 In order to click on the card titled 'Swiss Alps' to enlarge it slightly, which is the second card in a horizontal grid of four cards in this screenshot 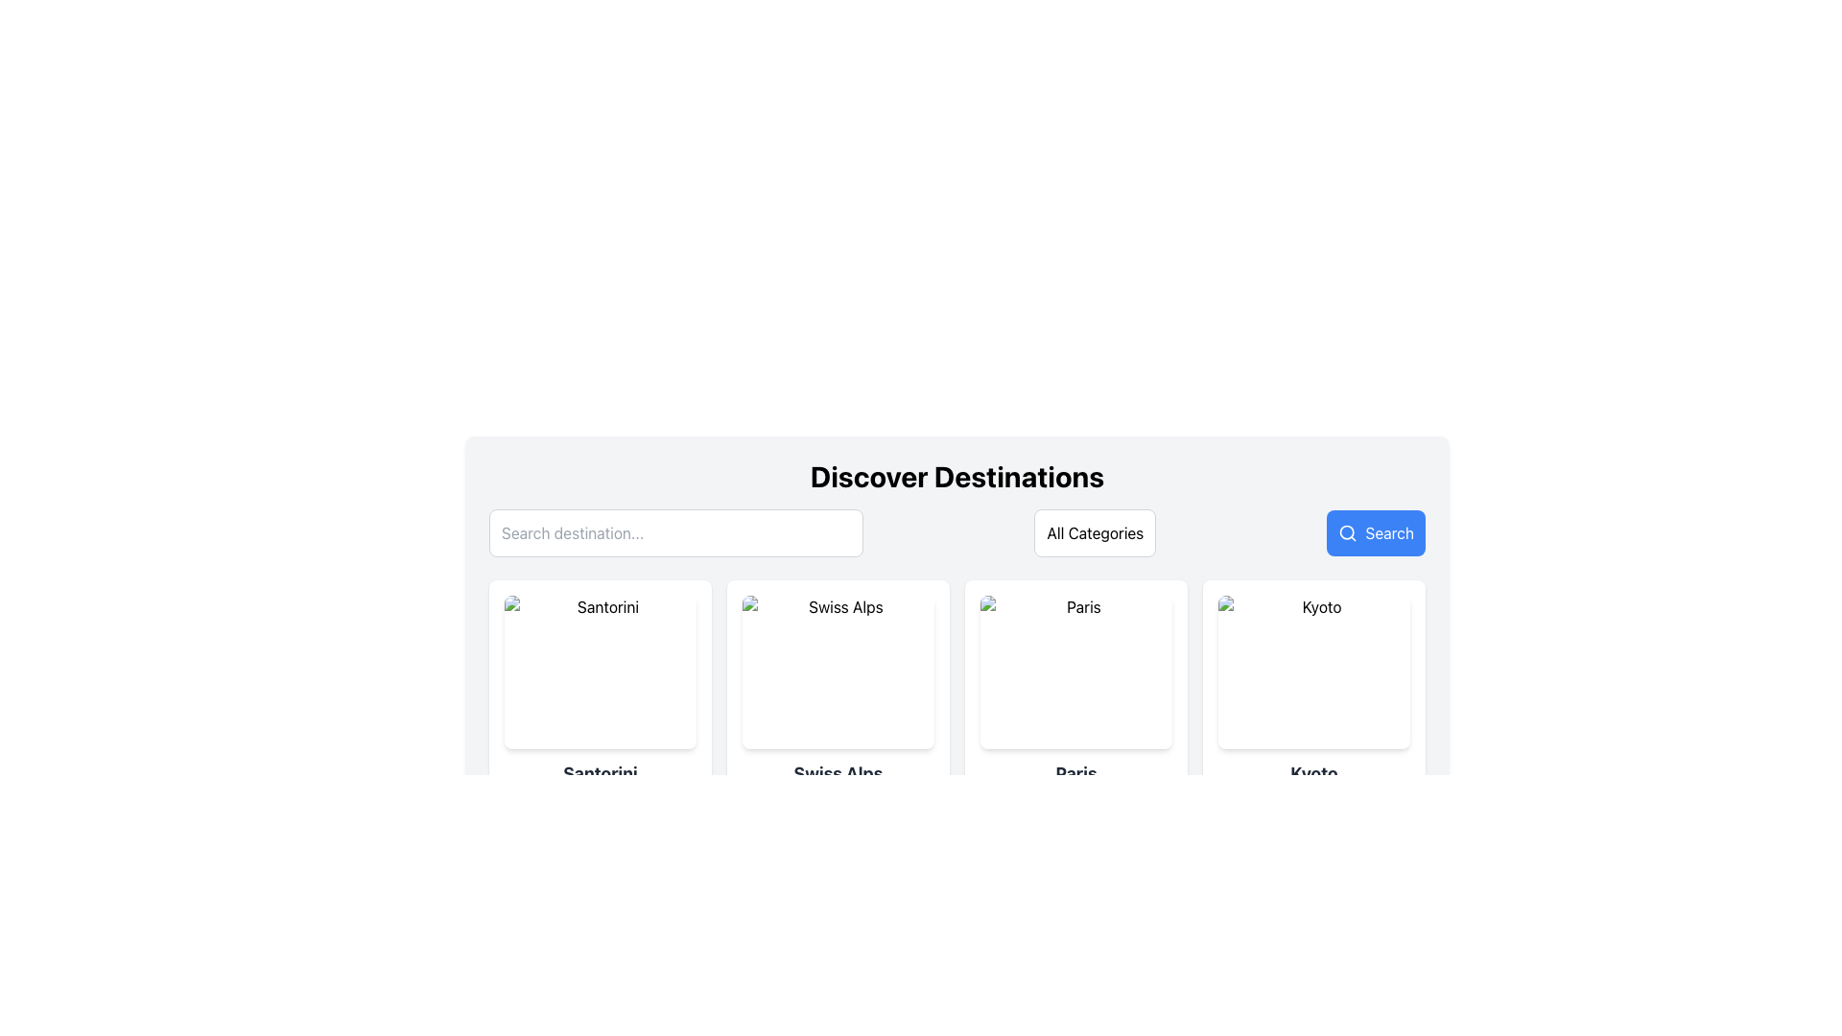, I will do `click(838, 705)`.